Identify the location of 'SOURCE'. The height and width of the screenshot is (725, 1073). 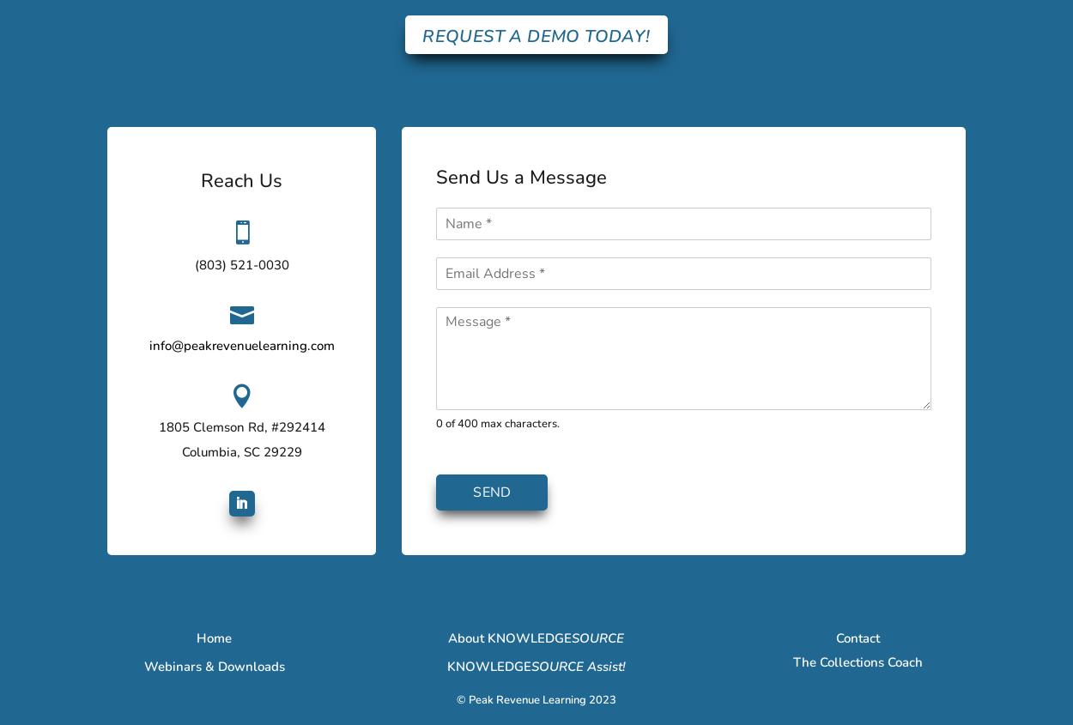
(597, 637).